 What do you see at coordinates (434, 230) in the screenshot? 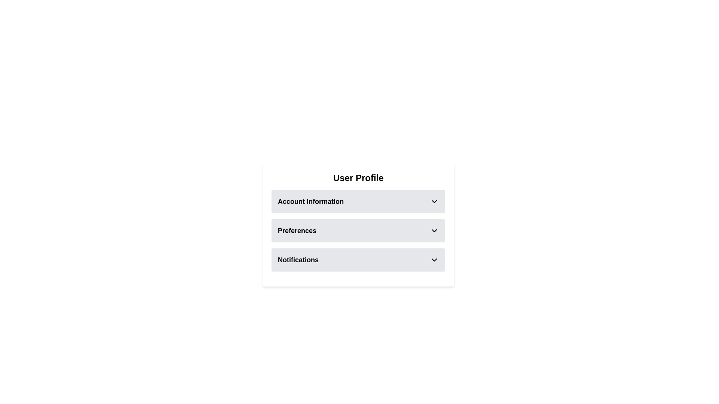
I see `the chevron icon on the far right side of the 'Preferences' button` at bounding box center [434, 230].